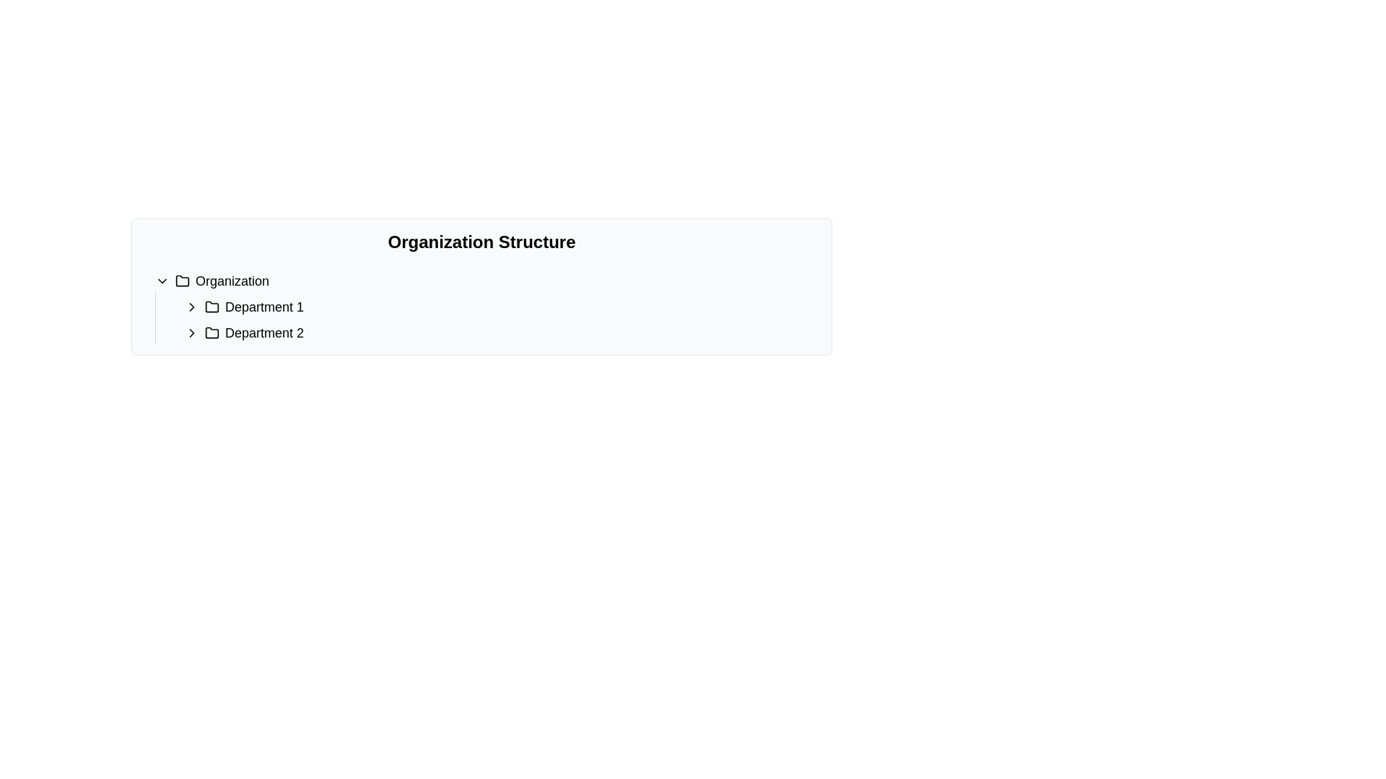 This screenshot has width=1386, height=779. Describe the element at coordinates (182, 281) in the screenshot. I see `the minimalist folder icon located to the left of the text 'Organization'` at that location.